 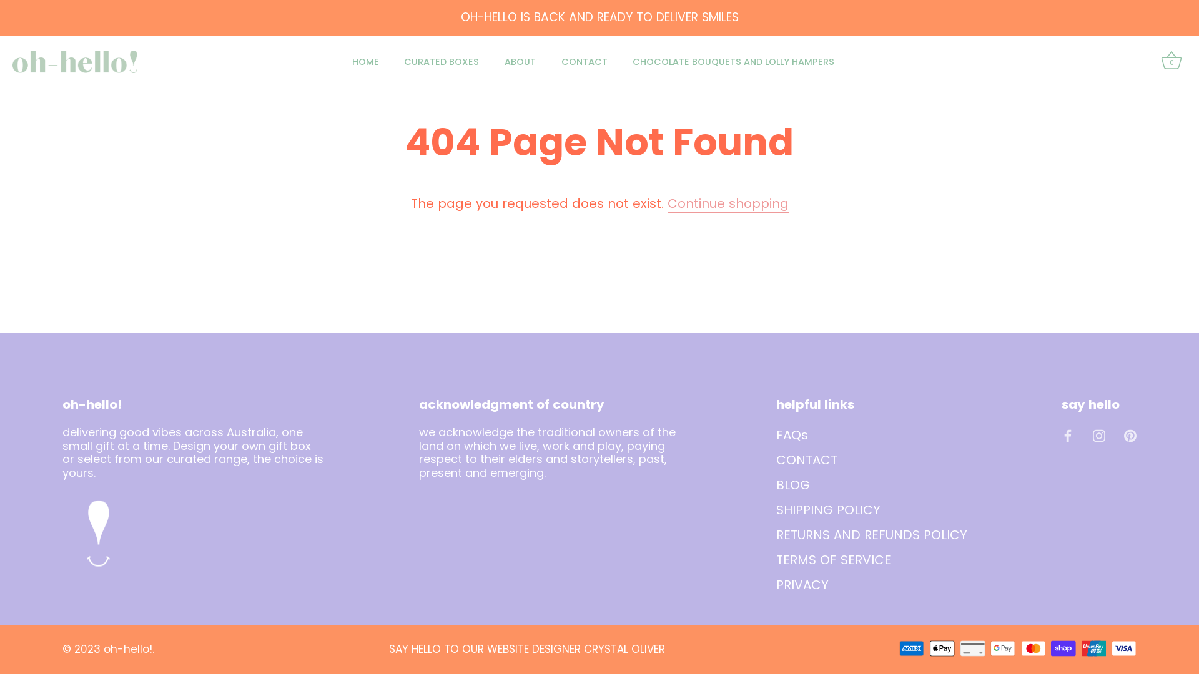 What do you see at coordinates (1157, 62) in the screenshot?
I see `'Basket` at bounding box center [1157, 62].